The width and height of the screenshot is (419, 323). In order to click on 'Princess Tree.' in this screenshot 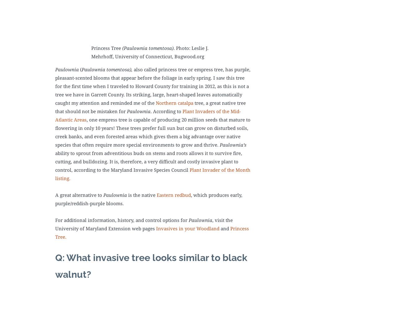, I will do `click(55, 232)`.